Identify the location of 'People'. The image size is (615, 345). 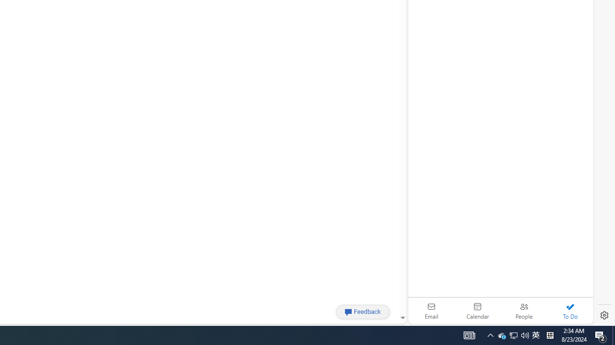
(523, 310).